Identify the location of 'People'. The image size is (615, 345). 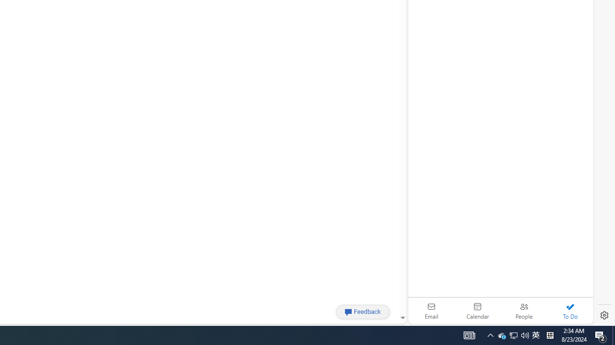
(523, 310).